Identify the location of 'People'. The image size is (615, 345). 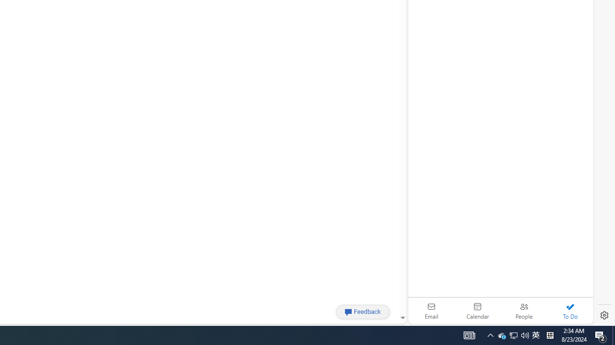
(523, 310).